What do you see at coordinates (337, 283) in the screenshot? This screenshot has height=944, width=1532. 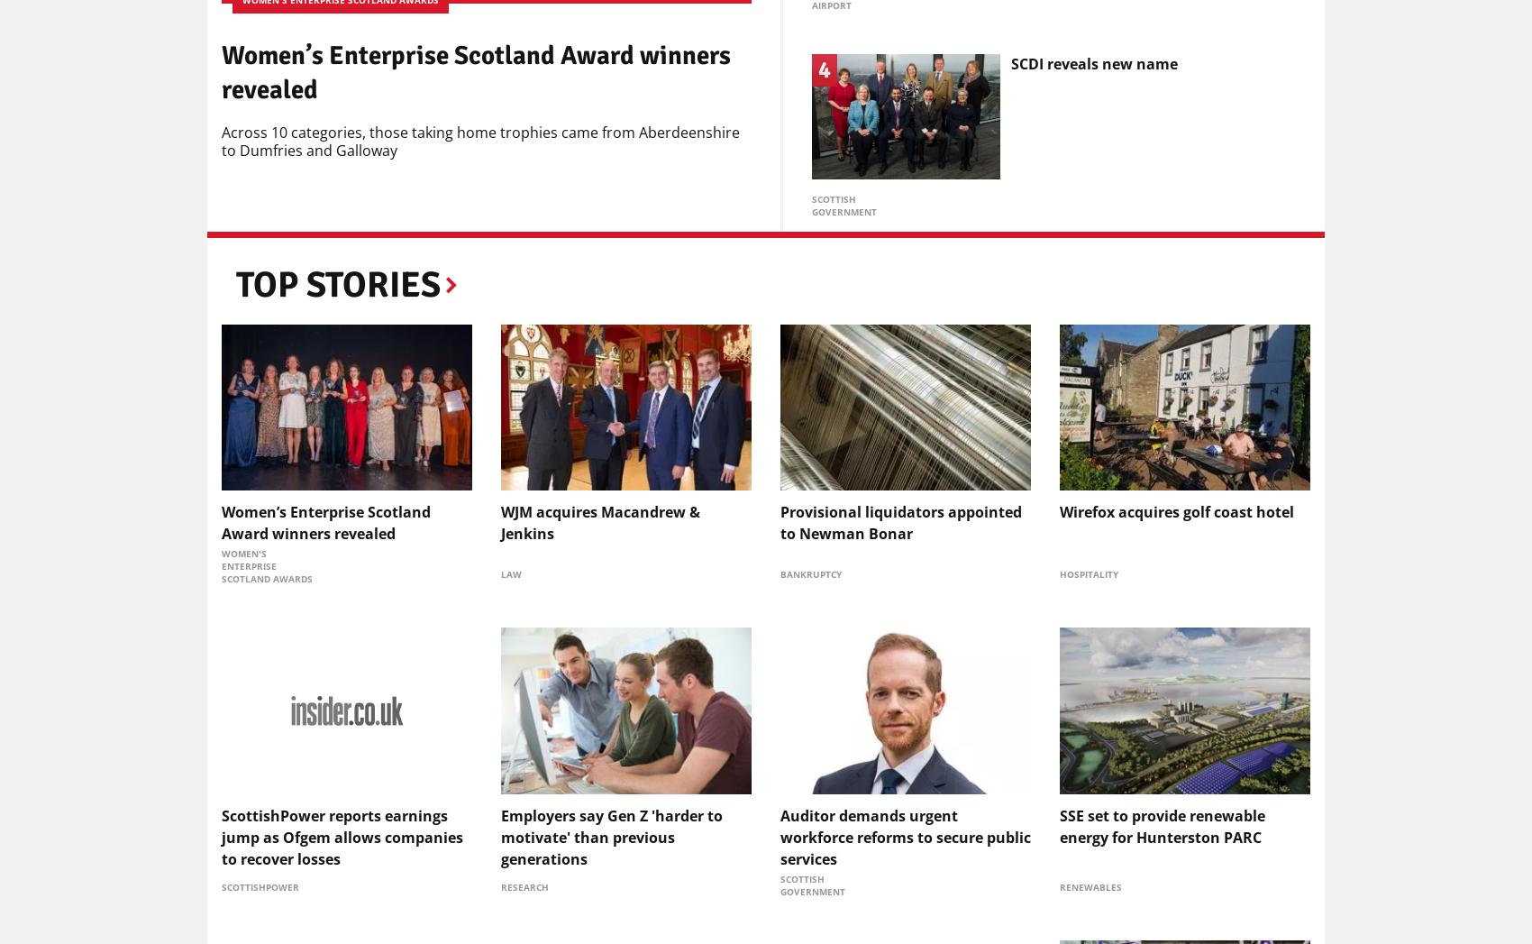 I see `'Top Stories'` at bounding box center [337, 283].